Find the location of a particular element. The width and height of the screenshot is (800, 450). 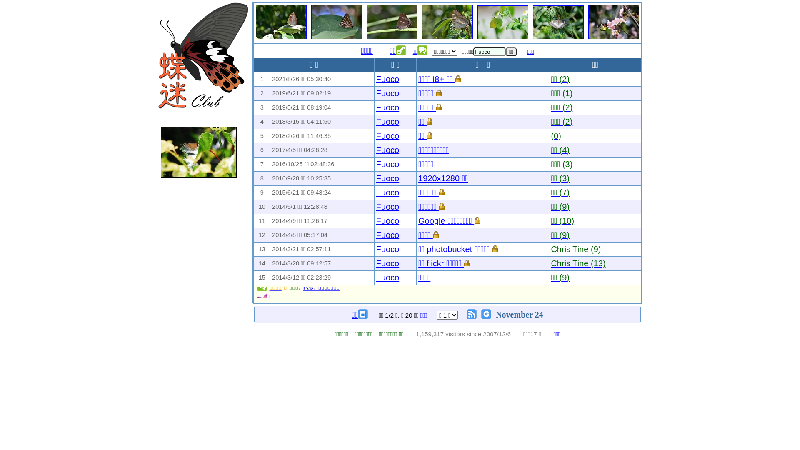

'(0)' is located at coordinates (556, 135).